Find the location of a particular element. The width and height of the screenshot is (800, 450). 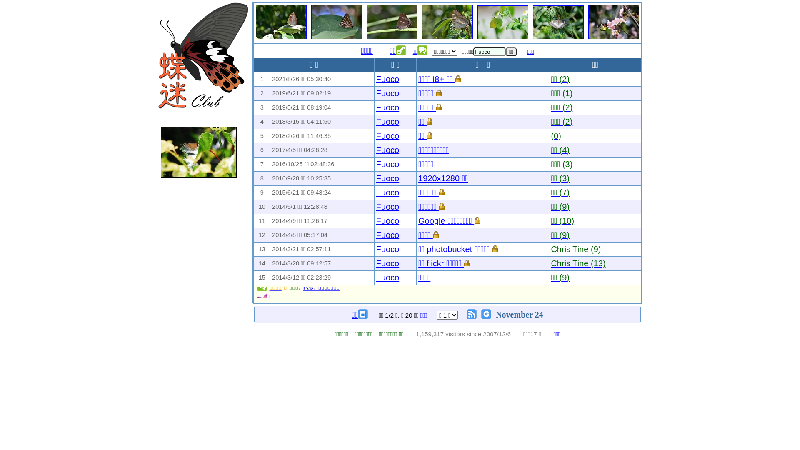

'(0)' is located at coordinates (556, 135).